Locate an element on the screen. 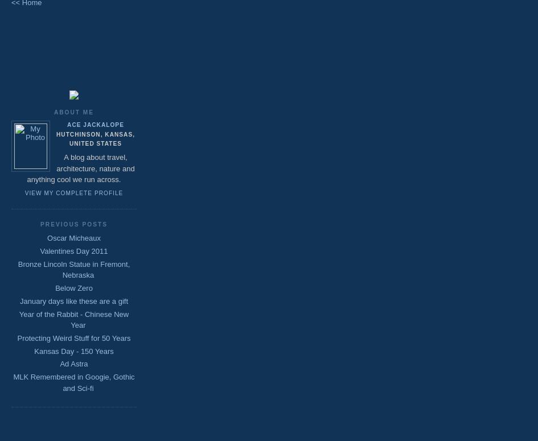 Image resolution: width=538 pixels, height=441 pixels. 'About Me' is located at coordinates (73, 112).